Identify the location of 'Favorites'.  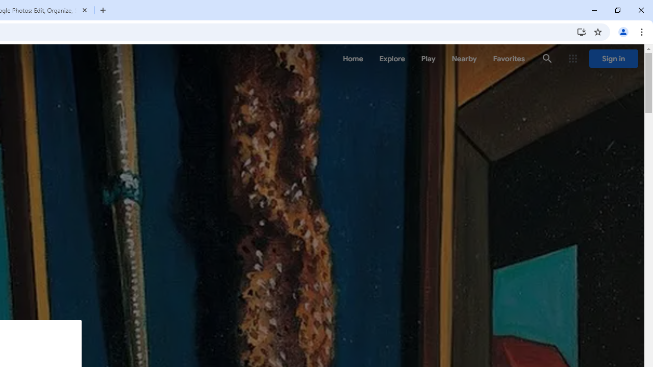
(509, 59).